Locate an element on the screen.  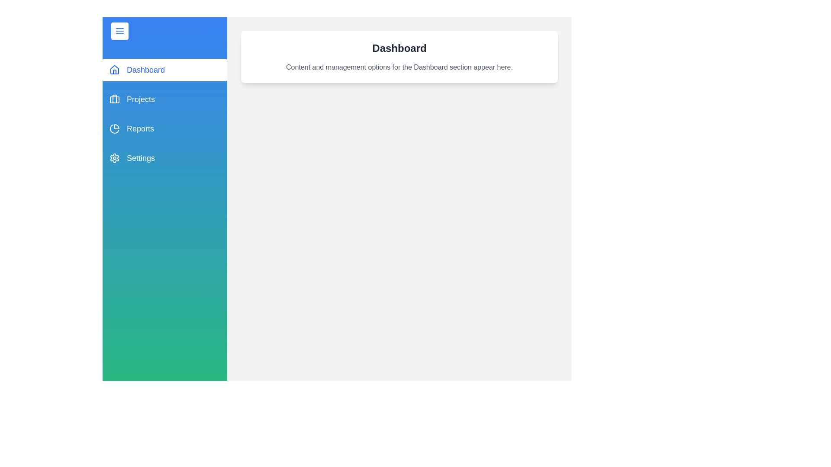
the section Reports from the navigation menu is located at coordinates (164, 128).